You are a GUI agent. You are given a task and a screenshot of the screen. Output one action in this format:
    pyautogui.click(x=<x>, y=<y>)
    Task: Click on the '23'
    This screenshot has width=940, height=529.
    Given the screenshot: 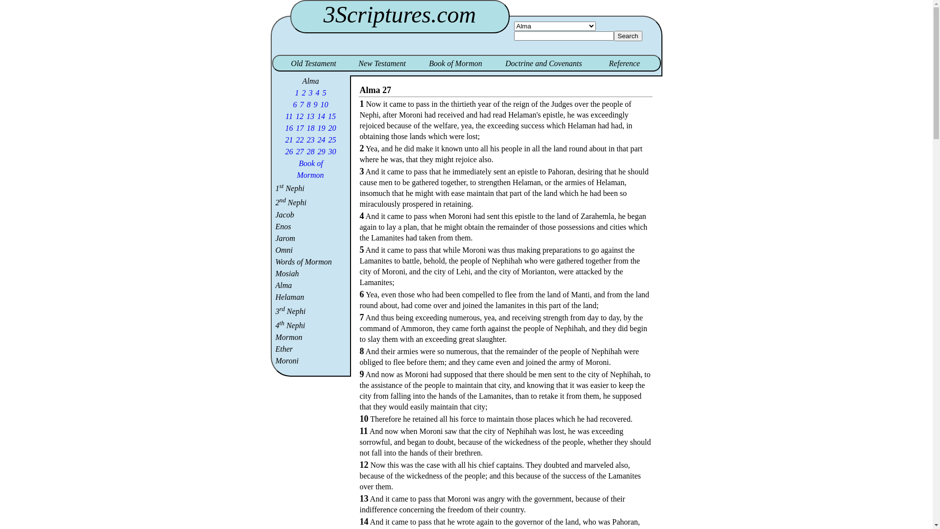 What is the action you would take?
    pyautogui.click(x=310, y=140)
    